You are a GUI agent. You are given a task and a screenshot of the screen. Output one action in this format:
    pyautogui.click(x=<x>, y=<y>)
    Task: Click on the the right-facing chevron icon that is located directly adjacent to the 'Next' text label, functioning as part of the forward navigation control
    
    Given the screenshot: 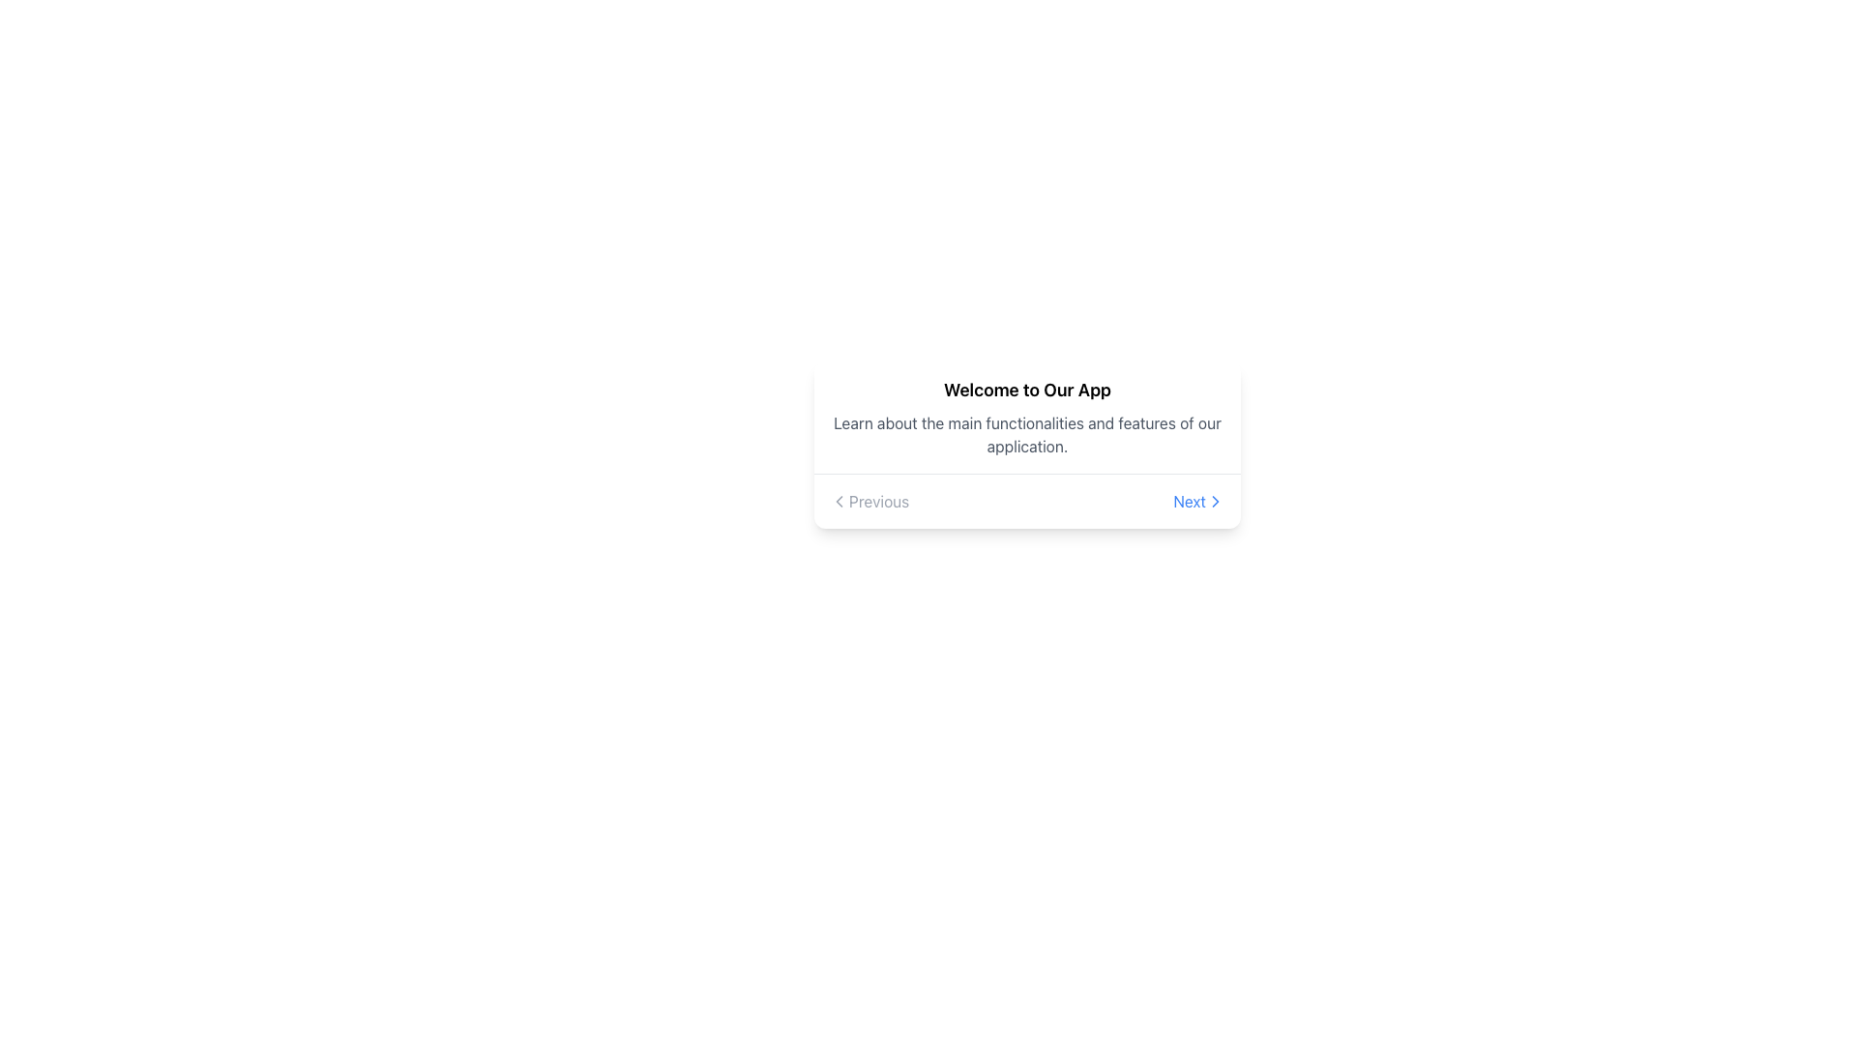 What is the action you would take?
    pyautogui.click(x=1215, y=501)
    